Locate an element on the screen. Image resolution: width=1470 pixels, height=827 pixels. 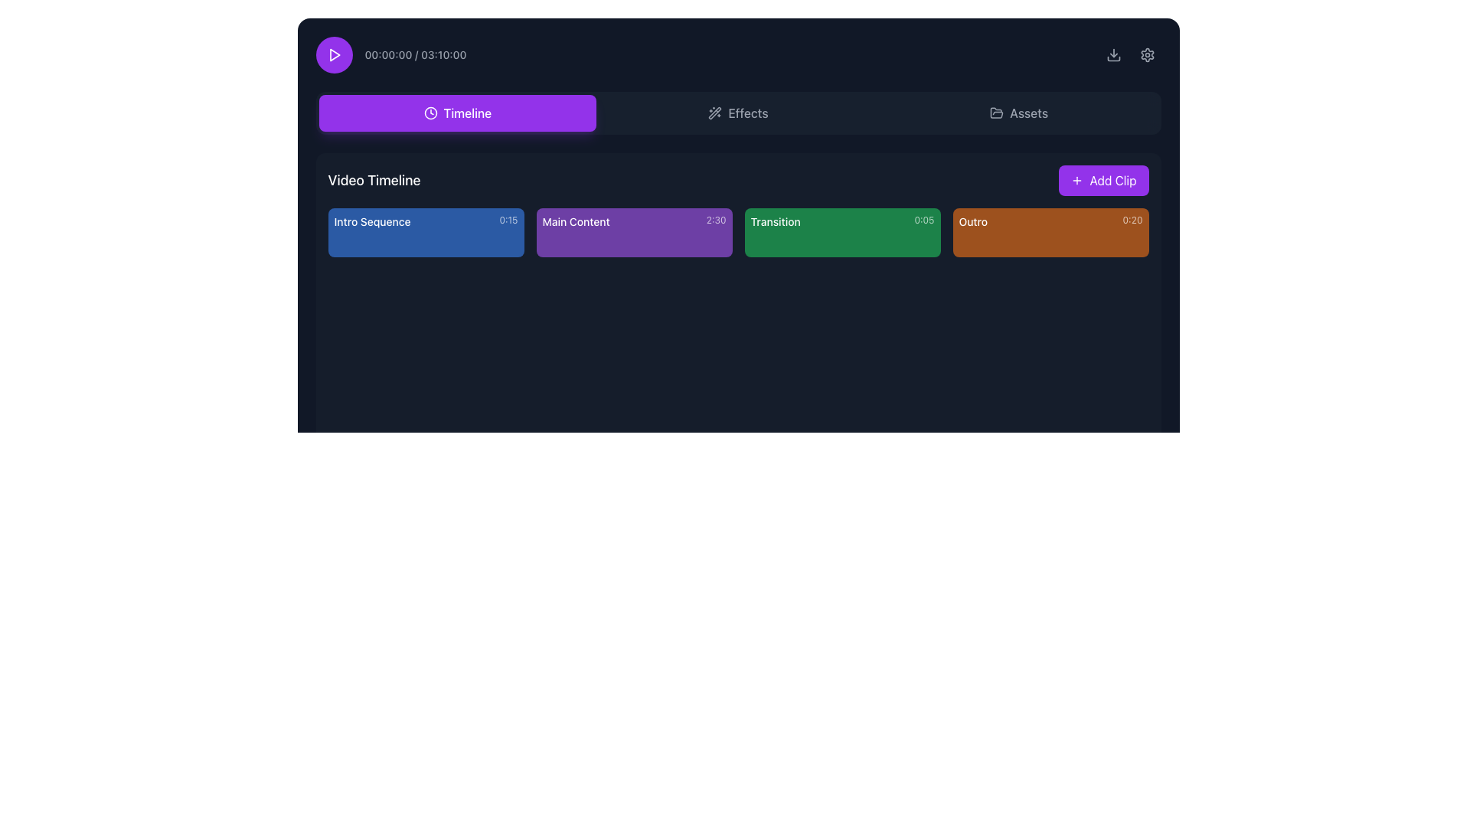
the clickable text label for accessing the 'Effects' section located in the top-right section of the navigation bar, just to the right of the sparkles icon is located at coordinates (748, 112).